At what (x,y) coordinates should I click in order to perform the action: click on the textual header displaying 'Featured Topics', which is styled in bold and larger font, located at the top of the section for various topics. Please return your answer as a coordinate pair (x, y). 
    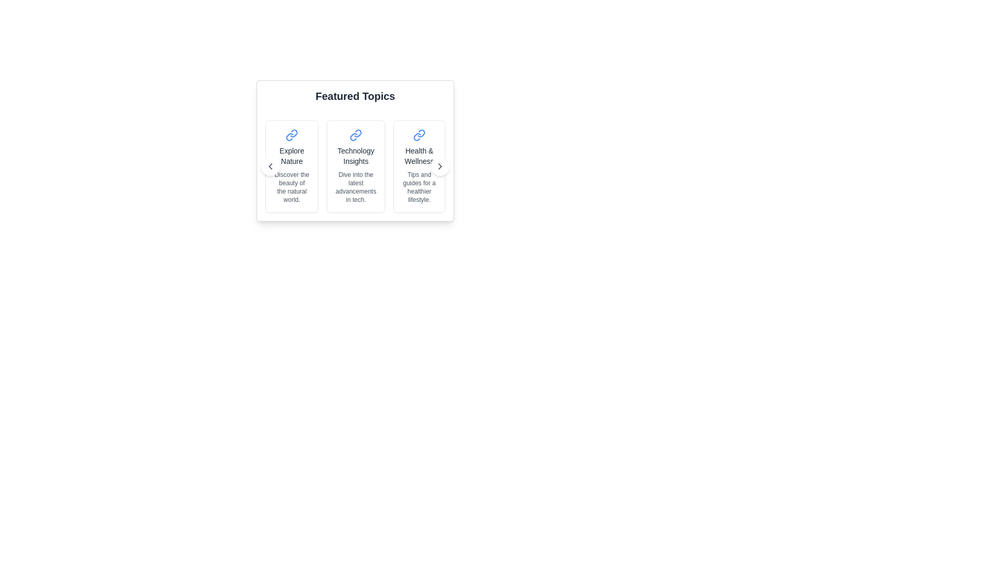
    Looking at the image, I should click on (355, 96).